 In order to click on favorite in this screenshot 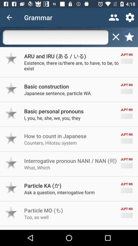, I will do `click(11, 187)`.